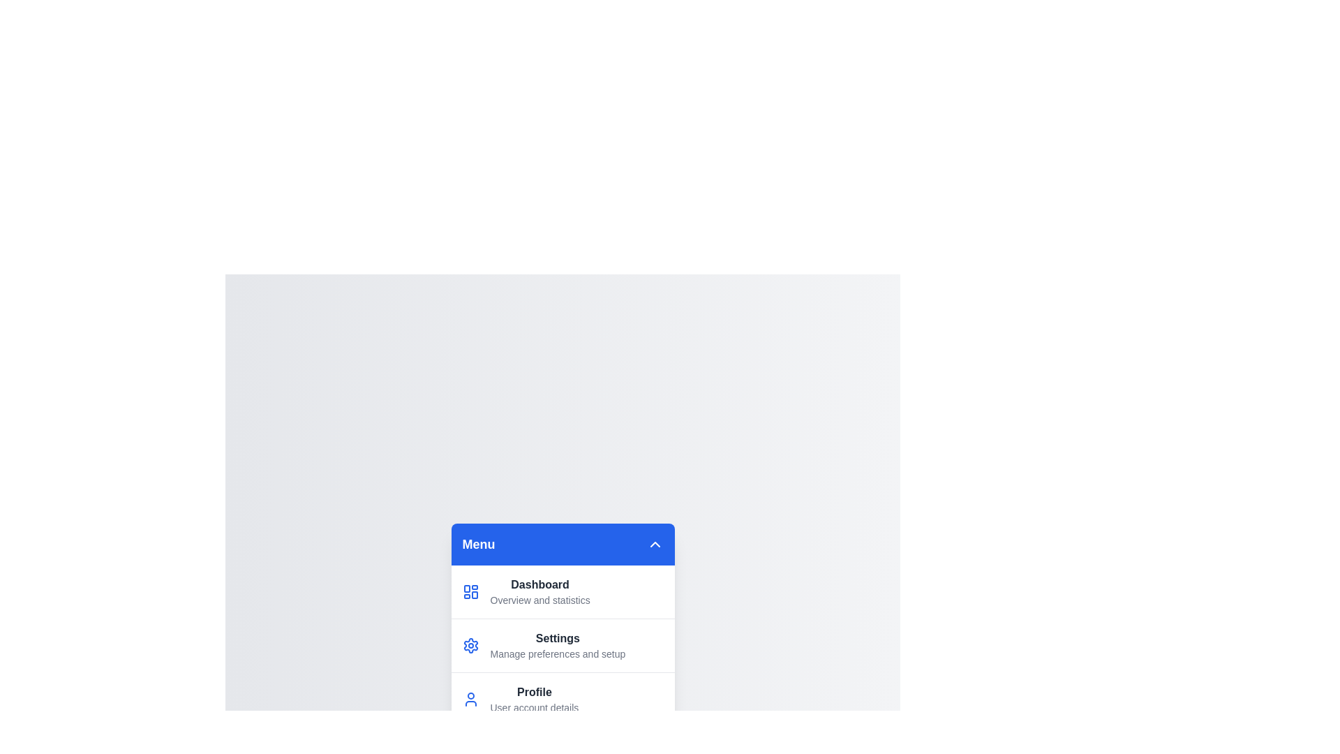 The height and width of the screenshot is (754, 1340). What do you see at coordinates (470, 699) in the screenshot?
I see `the icon corresponding to the menu item 'Profile'` at bounding box center [470, 699].